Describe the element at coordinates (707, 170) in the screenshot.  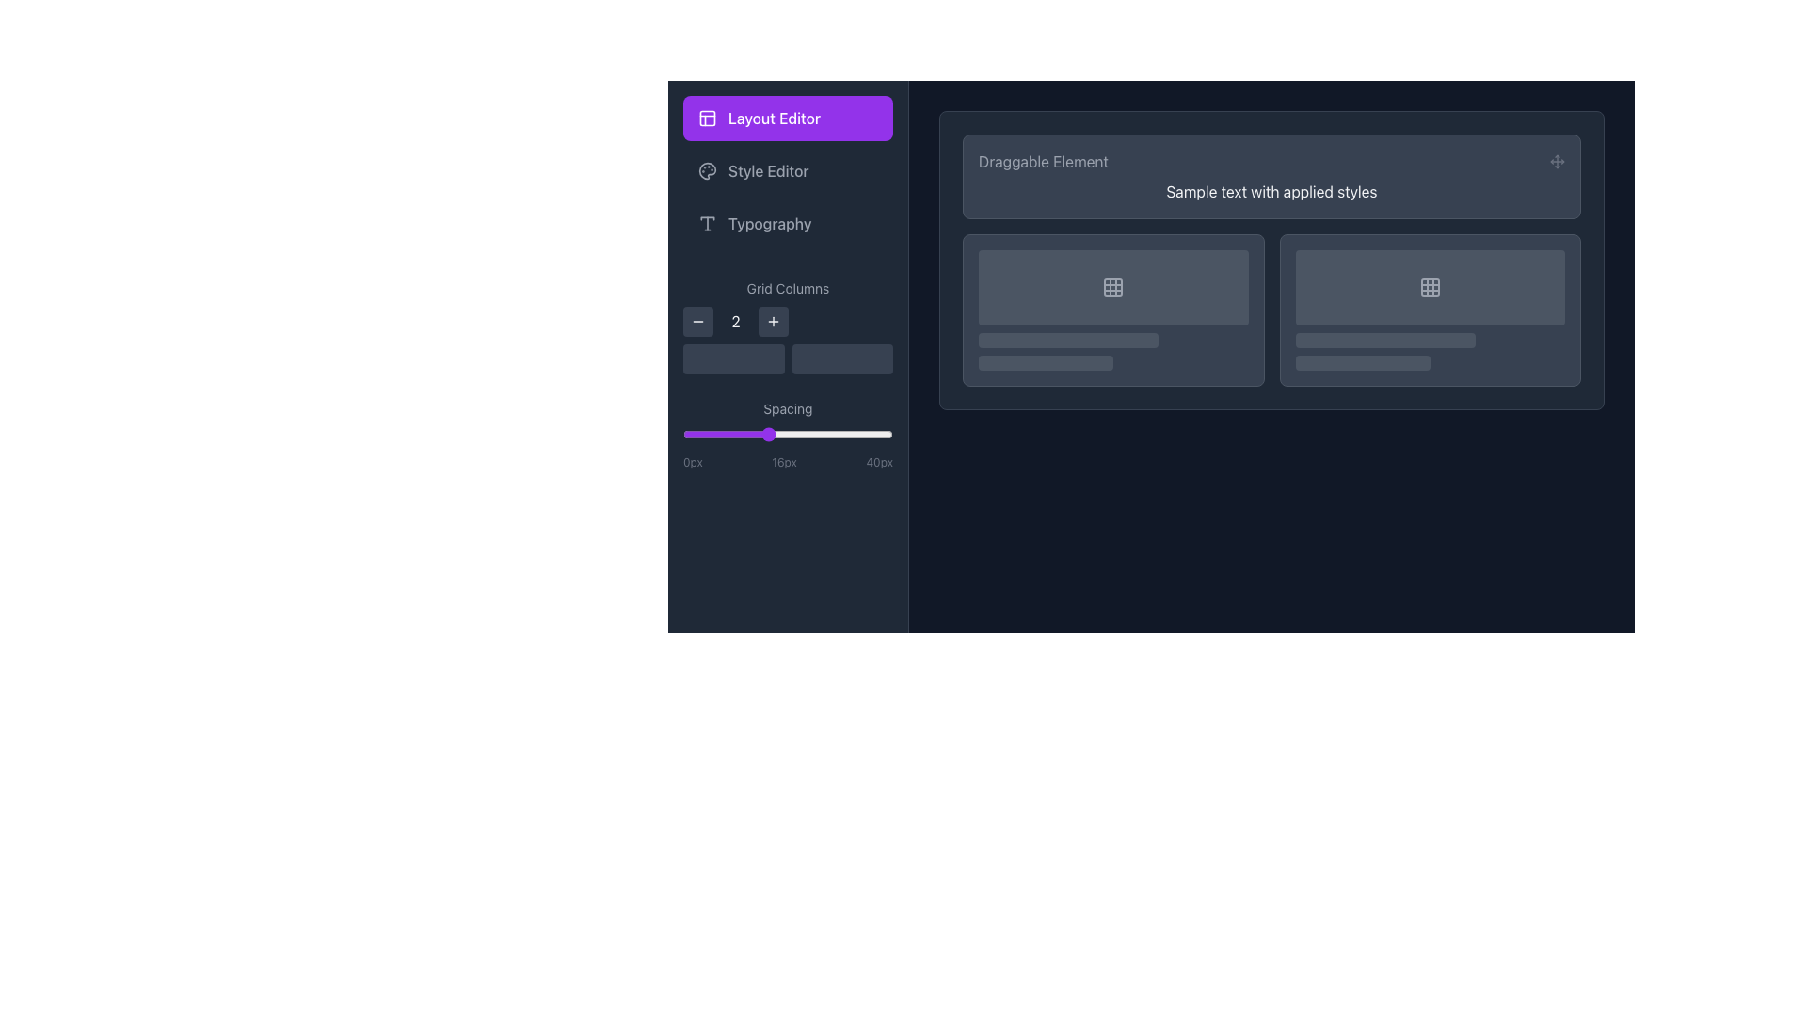
I see `the icon located in the left-side navigation panel near the top, which serves as a visual cue for the 'Style Editor' option` at that location.